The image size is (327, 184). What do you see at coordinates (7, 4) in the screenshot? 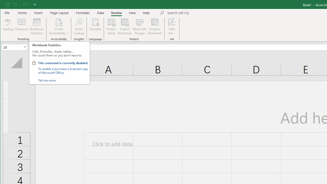
I see `'Save'` at bounding box center [7, 4].